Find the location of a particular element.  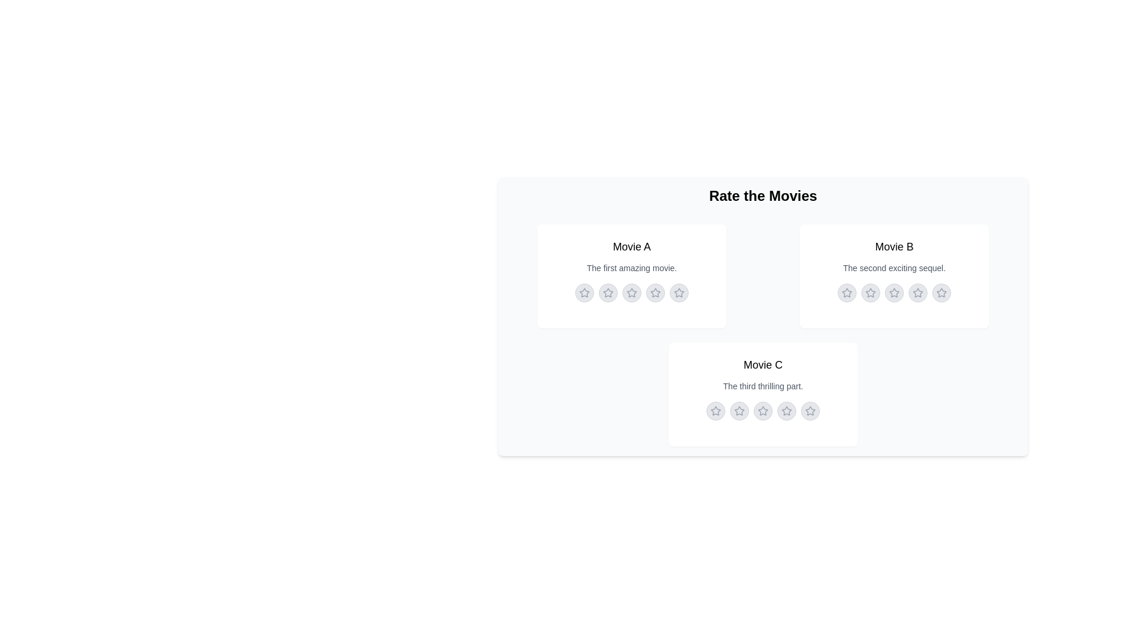

the third star icon in the rating widget below the text content 'Movie C' is located at coordinates (763, 410).